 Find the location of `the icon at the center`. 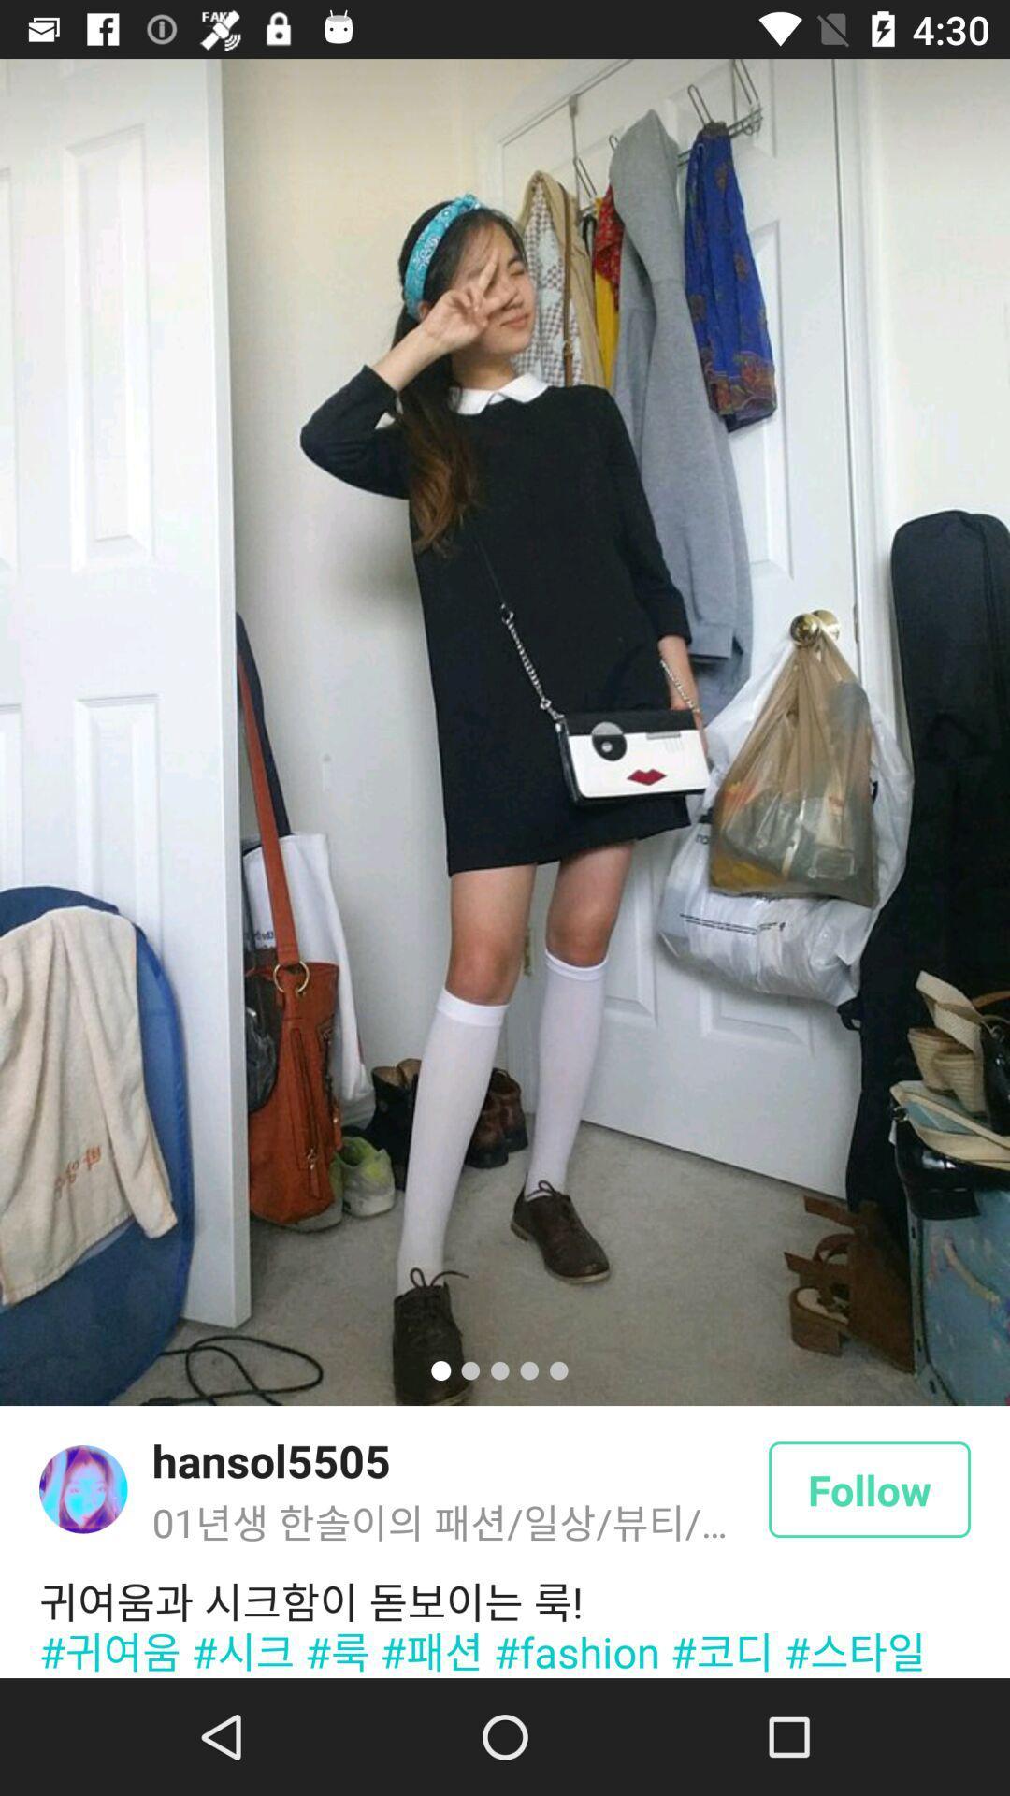

the icon at the center is located at coordinates (505, 731).